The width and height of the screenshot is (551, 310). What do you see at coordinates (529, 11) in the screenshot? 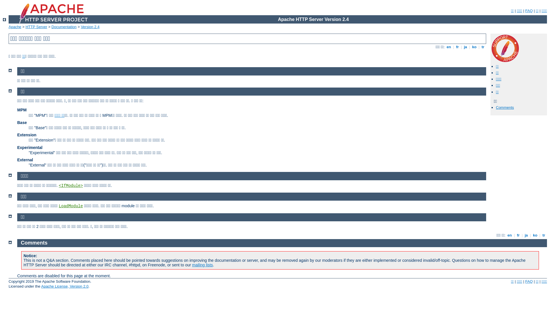
I see `'FAQ'` at bounding box center [529, 11].